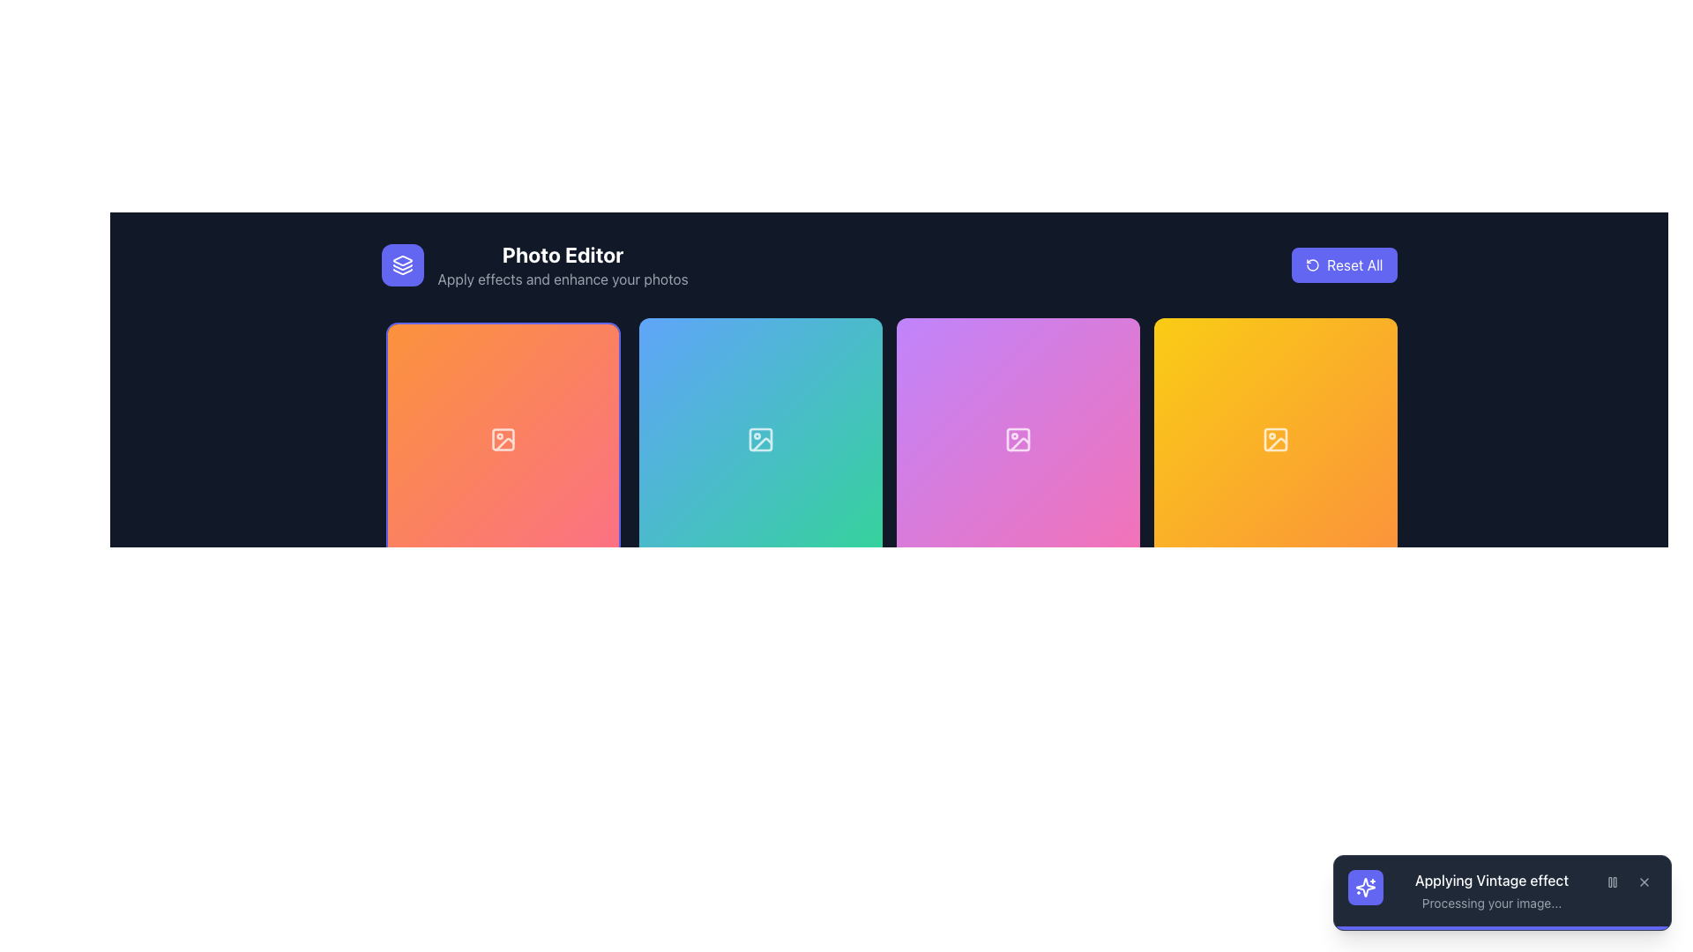 Image resolution: width=1693 pixels, height=952 pixels. What do you see at coordinates (1502, 890) in the screenshot?
I see `the notification panel located at the bottom-right corner of the interface` at bounding box center [1502, 890].